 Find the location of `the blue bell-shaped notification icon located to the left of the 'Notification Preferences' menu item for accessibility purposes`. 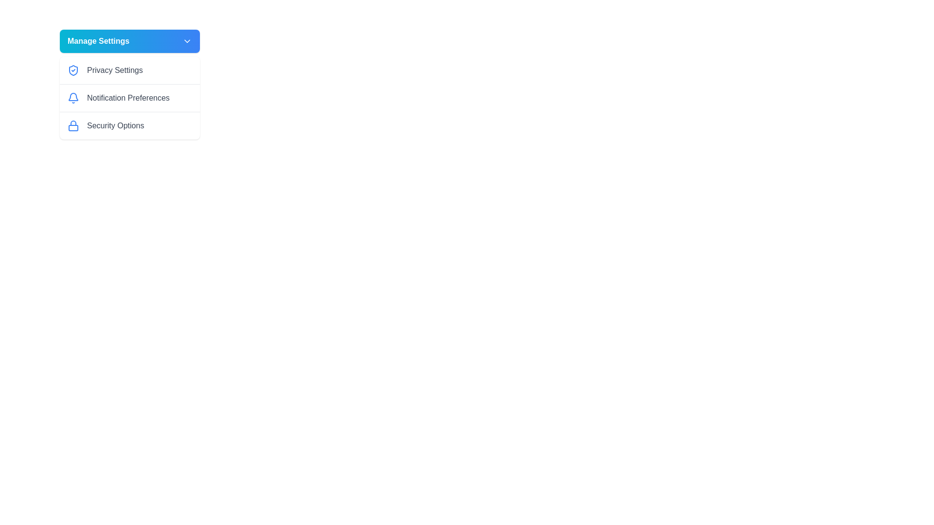

the blue bell-shaped notification icon located to the left of the 'Notification Preferences' menu item for accessibility purposes is located at coordinates (72, 98).